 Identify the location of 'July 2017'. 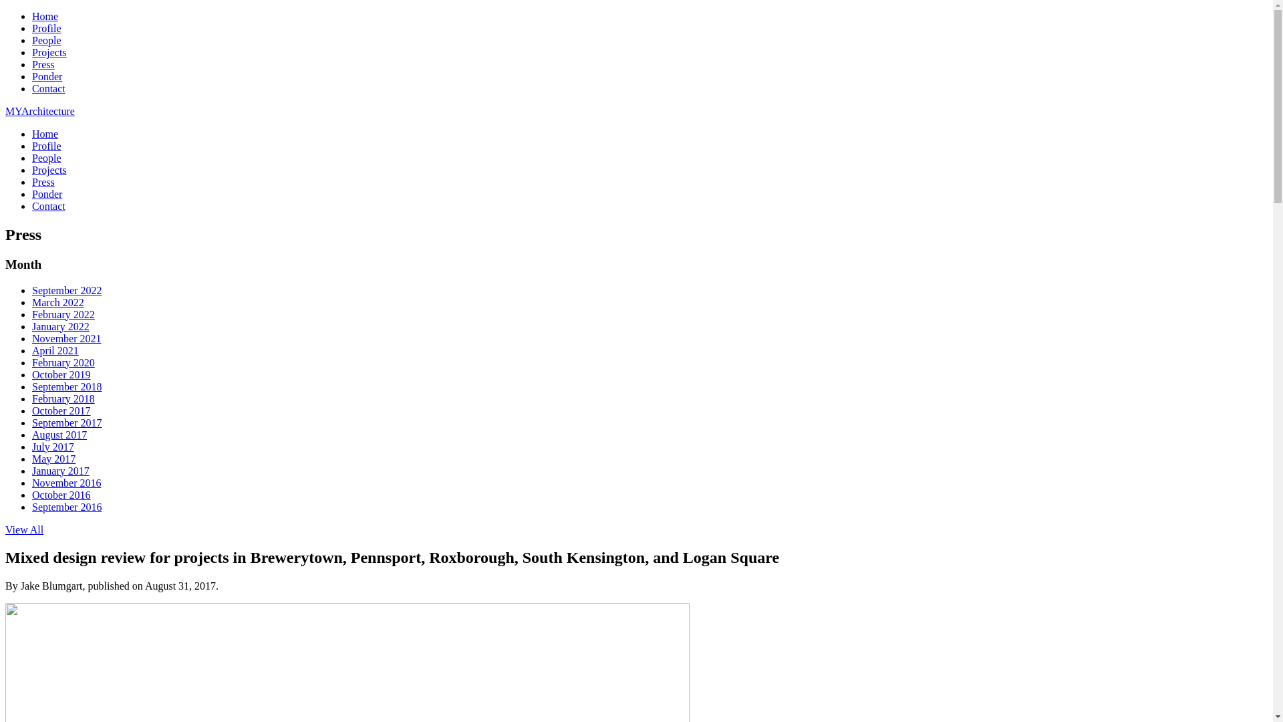
(53, 447).